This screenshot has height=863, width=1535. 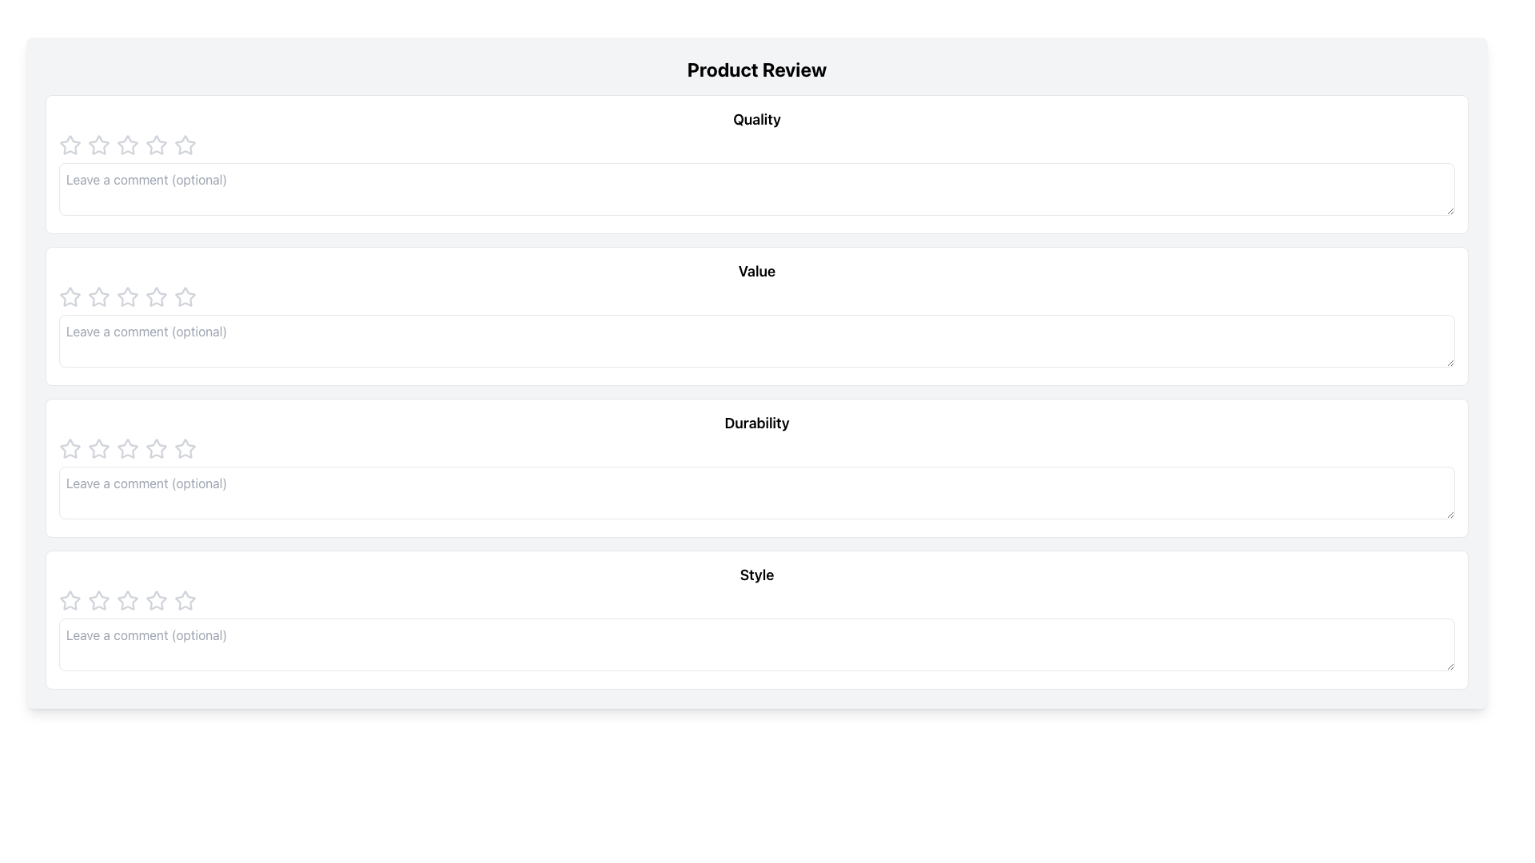 What do you see at coordinates (157, 145) in the screenshot?
I see `the second star icon in the 'Quality' rating section to assign a two-star rating` at bounding box center [157, 145].